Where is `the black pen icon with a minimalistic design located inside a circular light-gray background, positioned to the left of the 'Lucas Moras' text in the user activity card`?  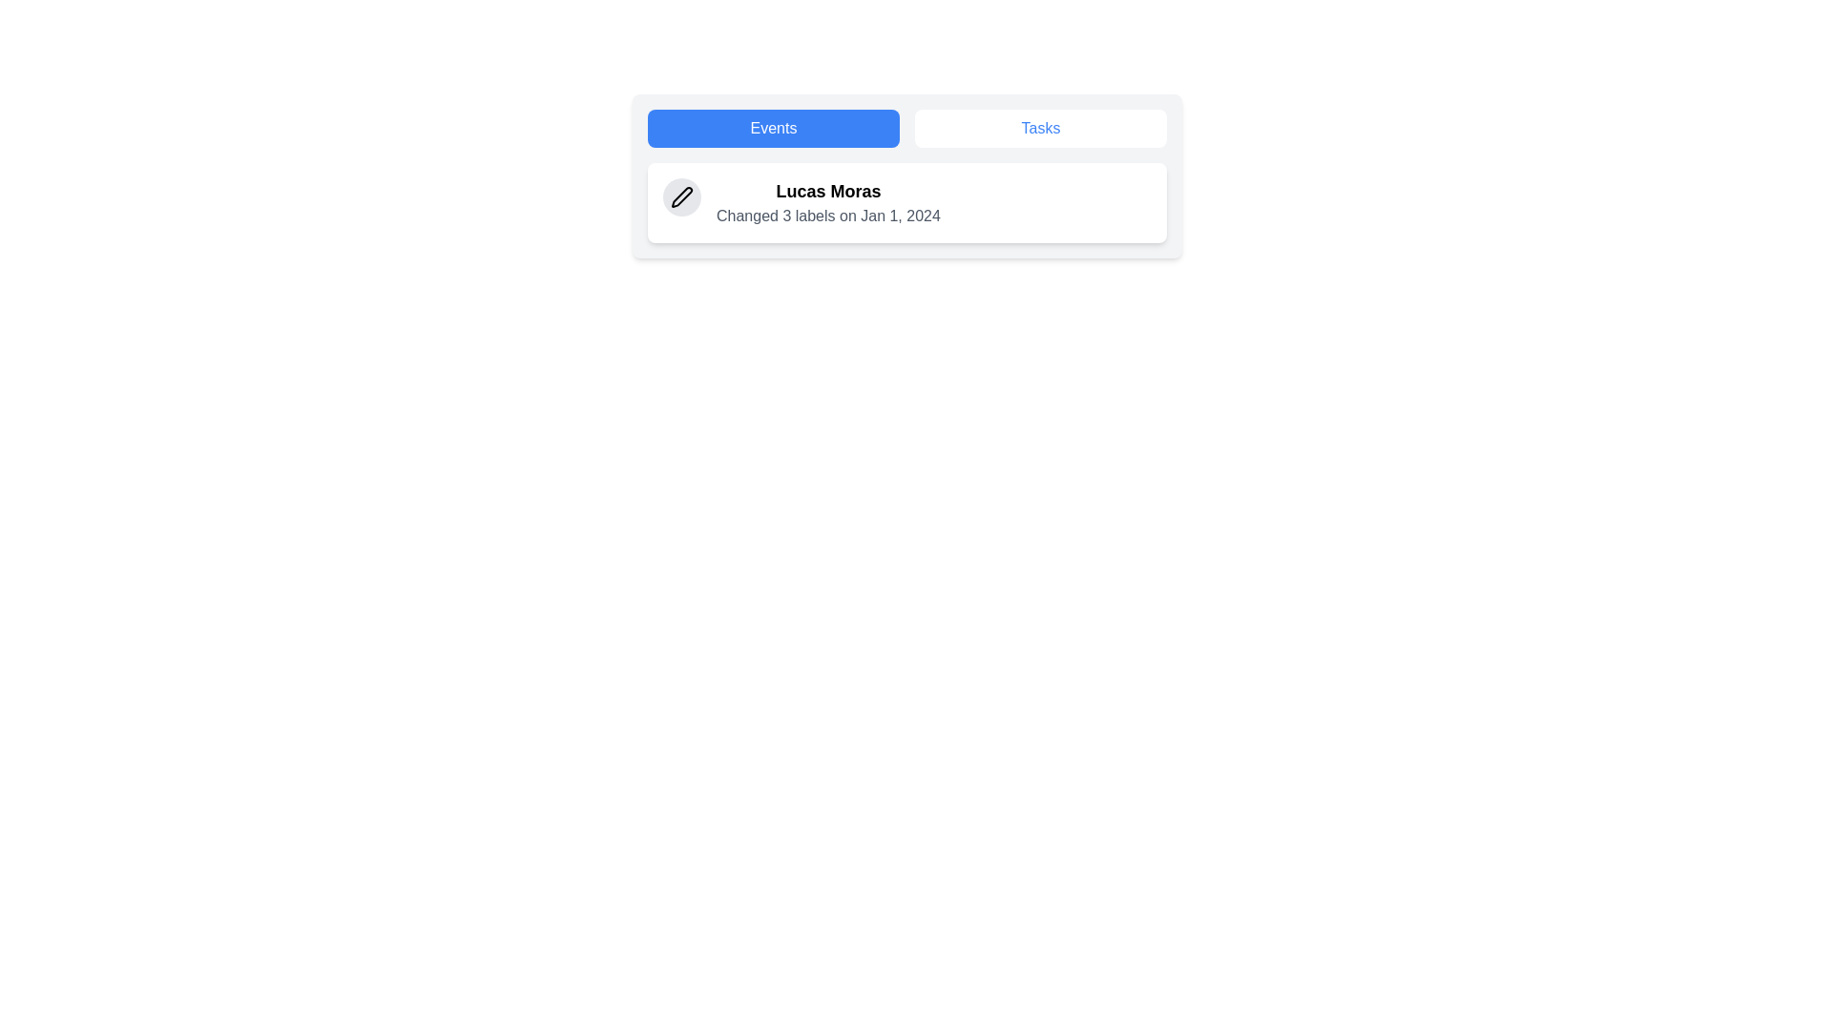 the black pen icon with a minimalistic design located inside a circular light-gray background, positioned to the left of the 'Lucas Moras' text in the user activity card is located at coordinates (682, 197).